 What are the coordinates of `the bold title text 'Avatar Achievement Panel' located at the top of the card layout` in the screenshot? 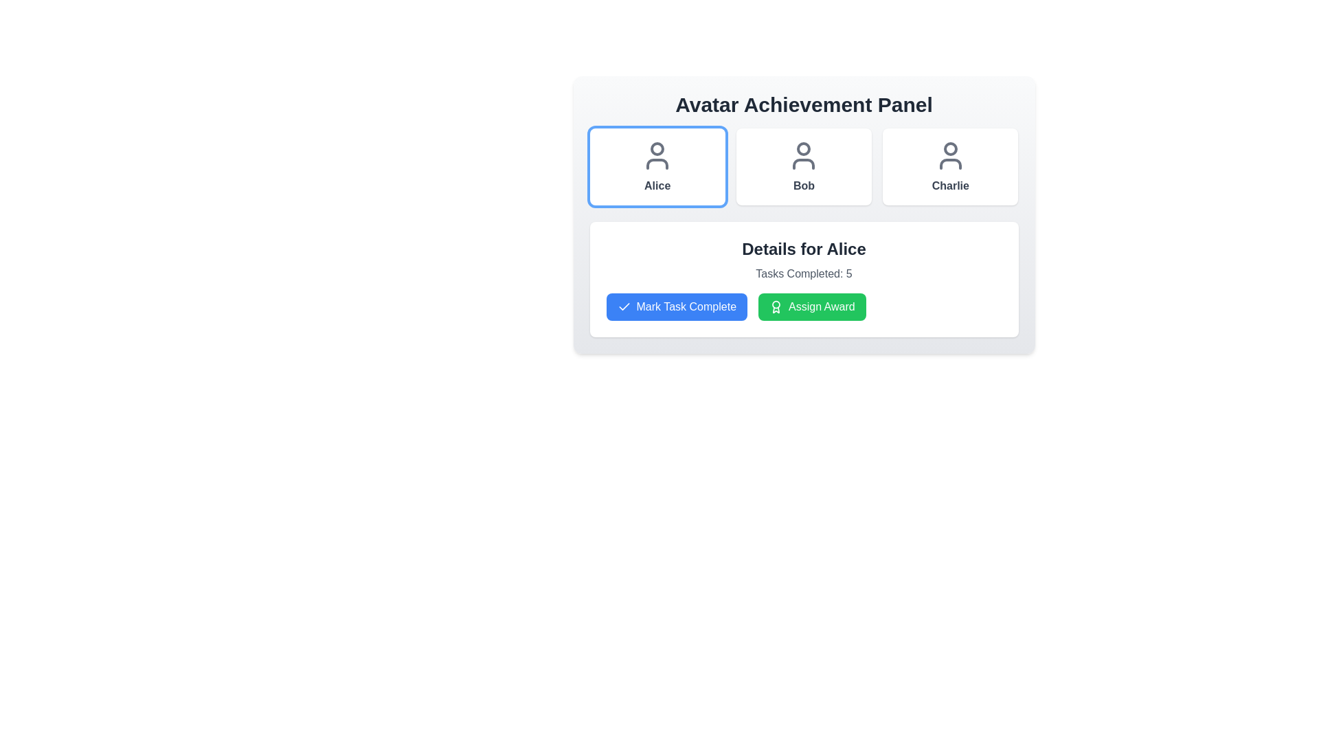 It's located at (804, 104).